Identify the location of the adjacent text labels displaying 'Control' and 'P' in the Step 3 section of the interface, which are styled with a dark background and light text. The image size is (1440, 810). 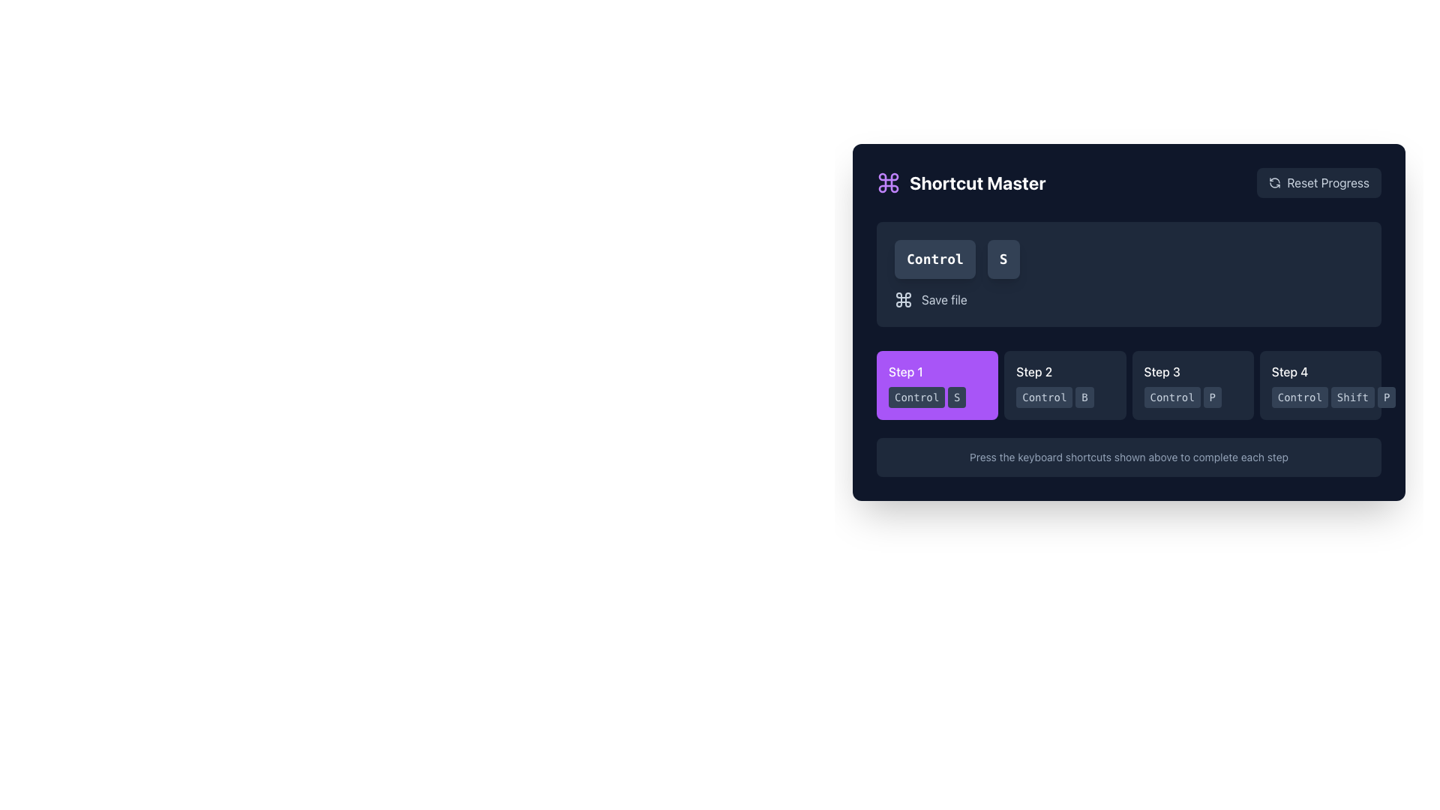
(1192, 396).